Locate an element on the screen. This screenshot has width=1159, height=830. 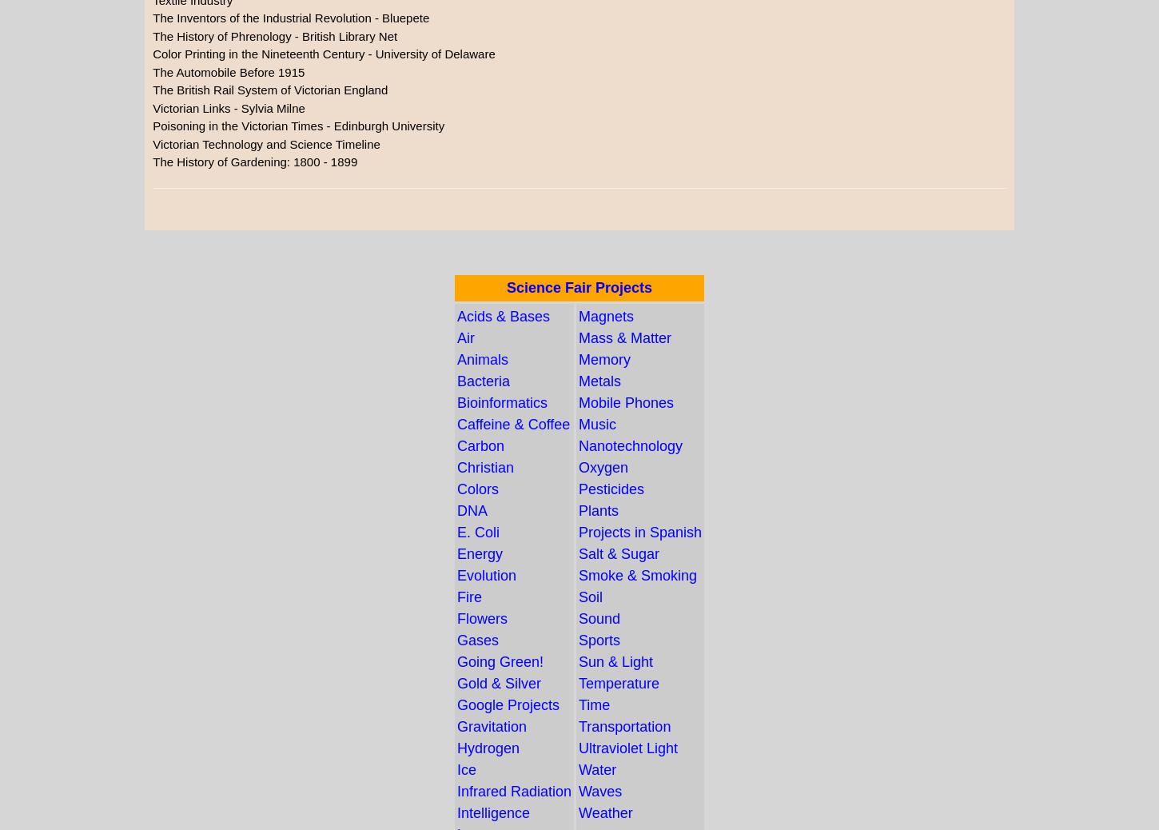
'Caffeine & Coffee' is located at coordinates (512, 423).